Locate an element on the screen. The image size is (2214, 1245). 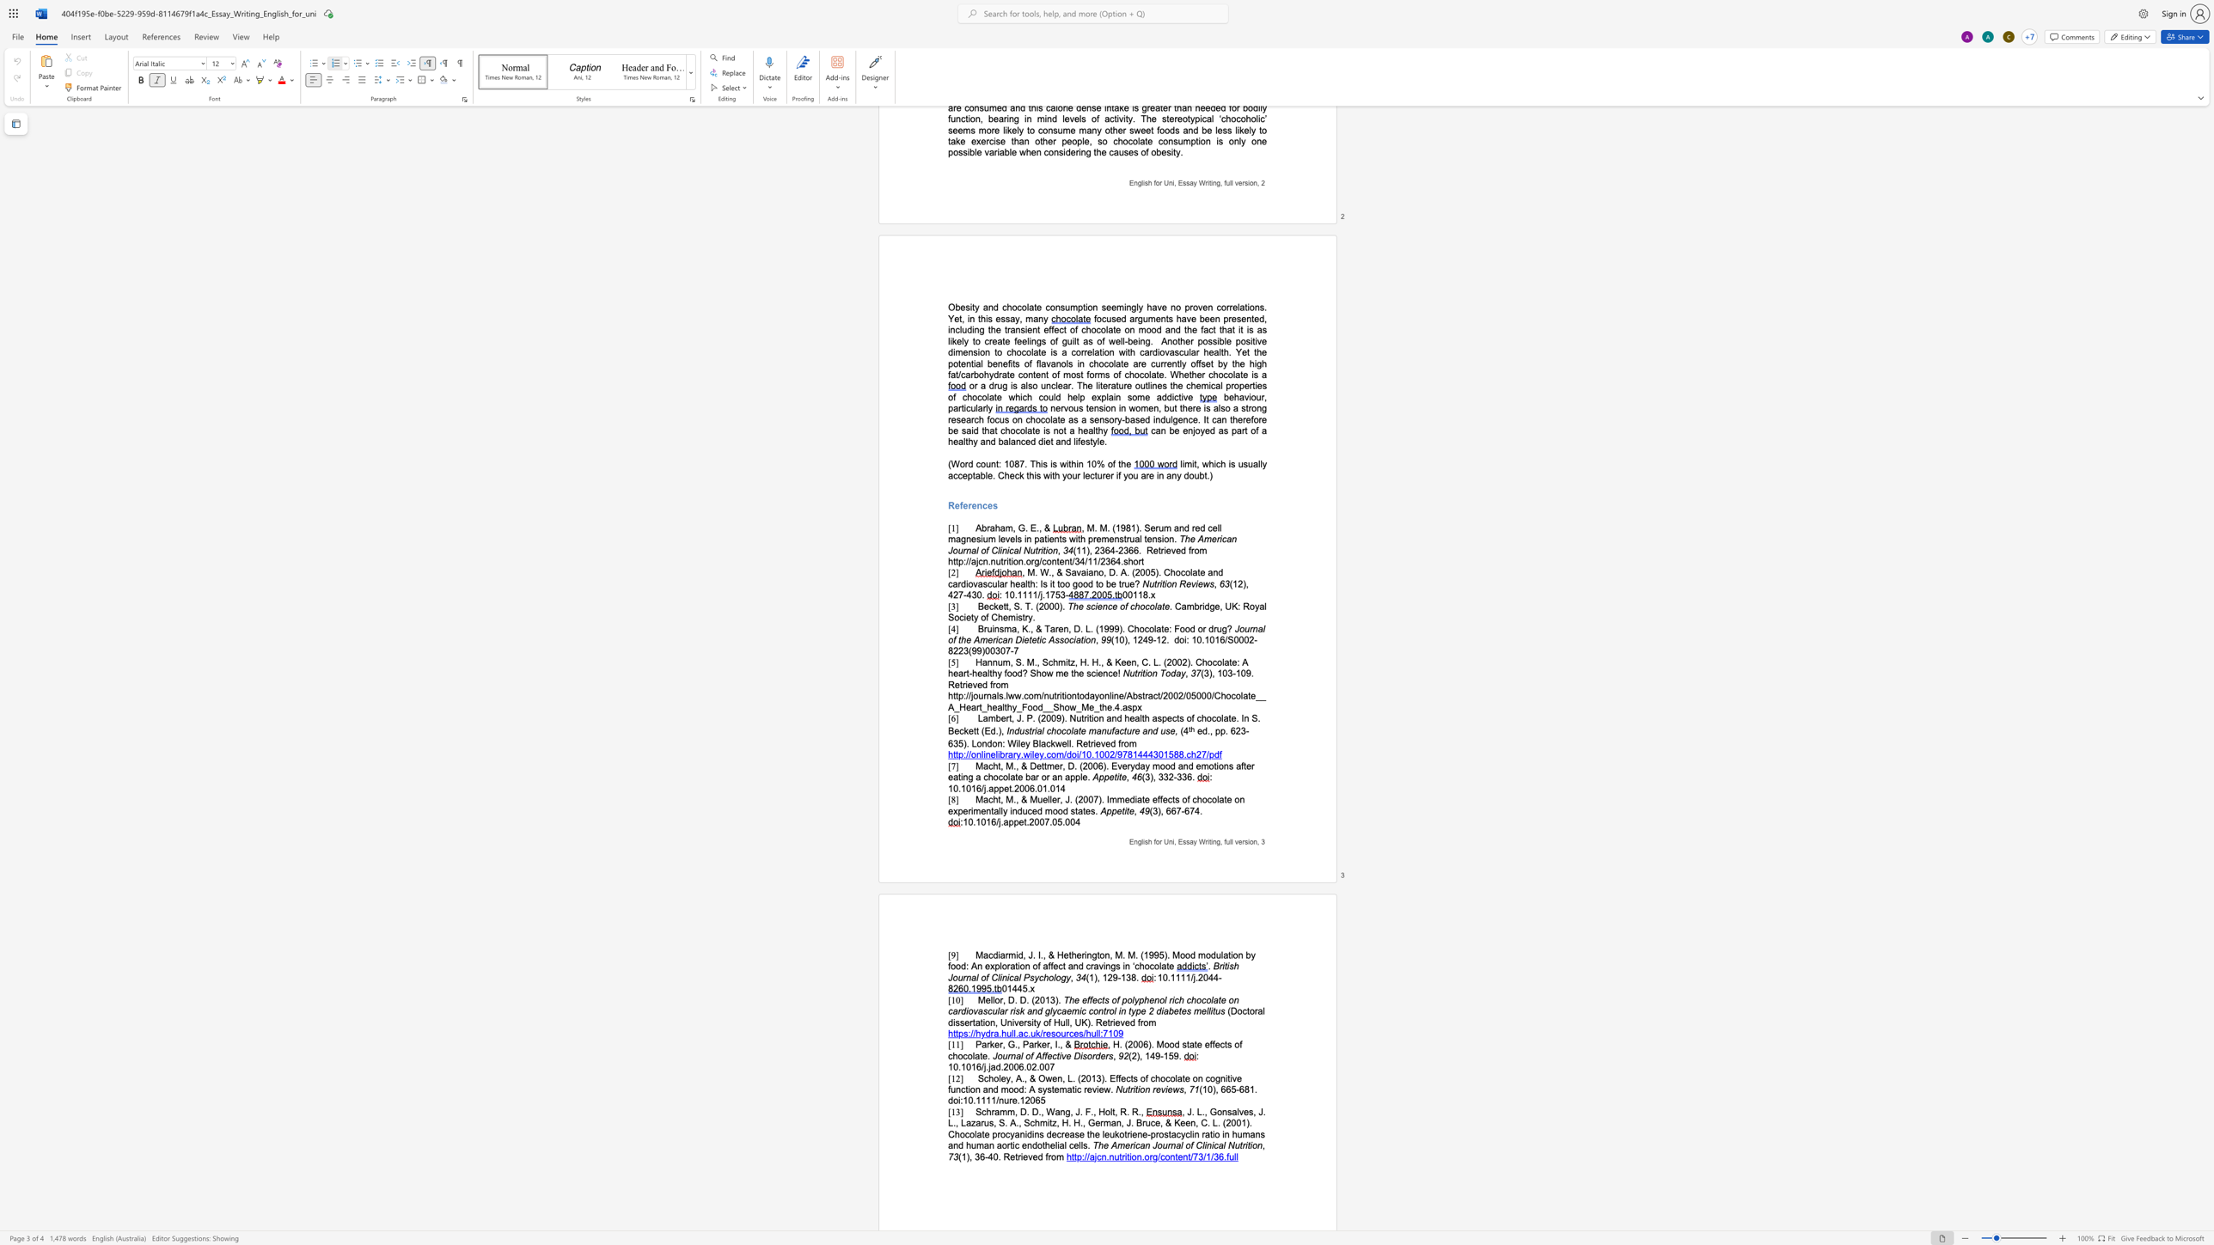
the space between the continuous character "c" and "o" in the text is located at coordinates (1051, 754).